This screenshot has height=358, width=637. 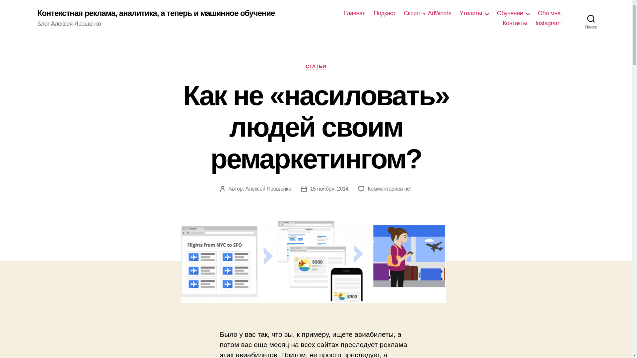 I want to click on 'Instagram', so click(x=535, y=23).